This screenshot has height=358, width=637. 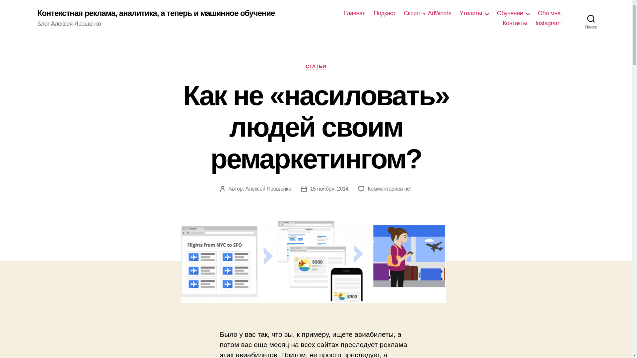 I want to click on 'Instagram', so click(x=535, y=23).